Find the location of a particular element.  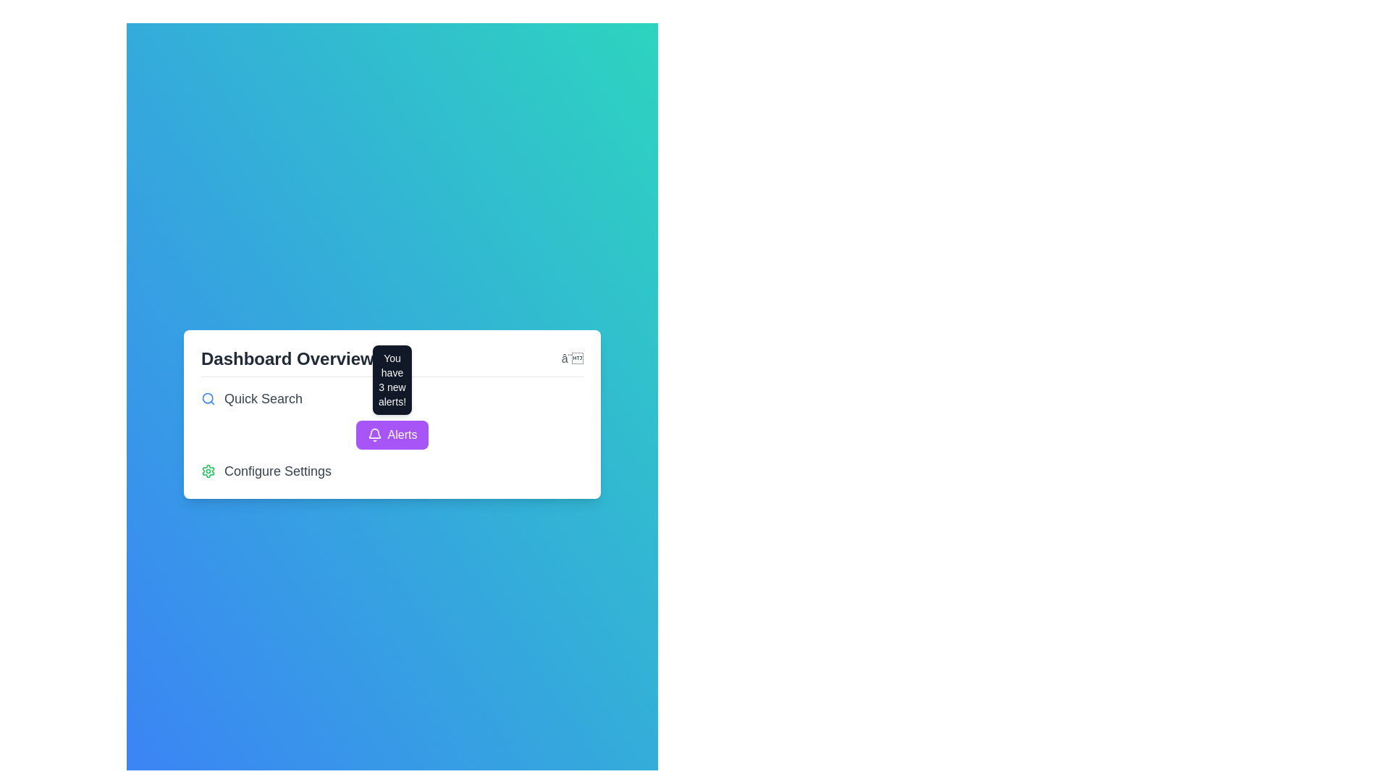

the search icon located to the left of 'Quick Search' is located at coordinates (208, 398).